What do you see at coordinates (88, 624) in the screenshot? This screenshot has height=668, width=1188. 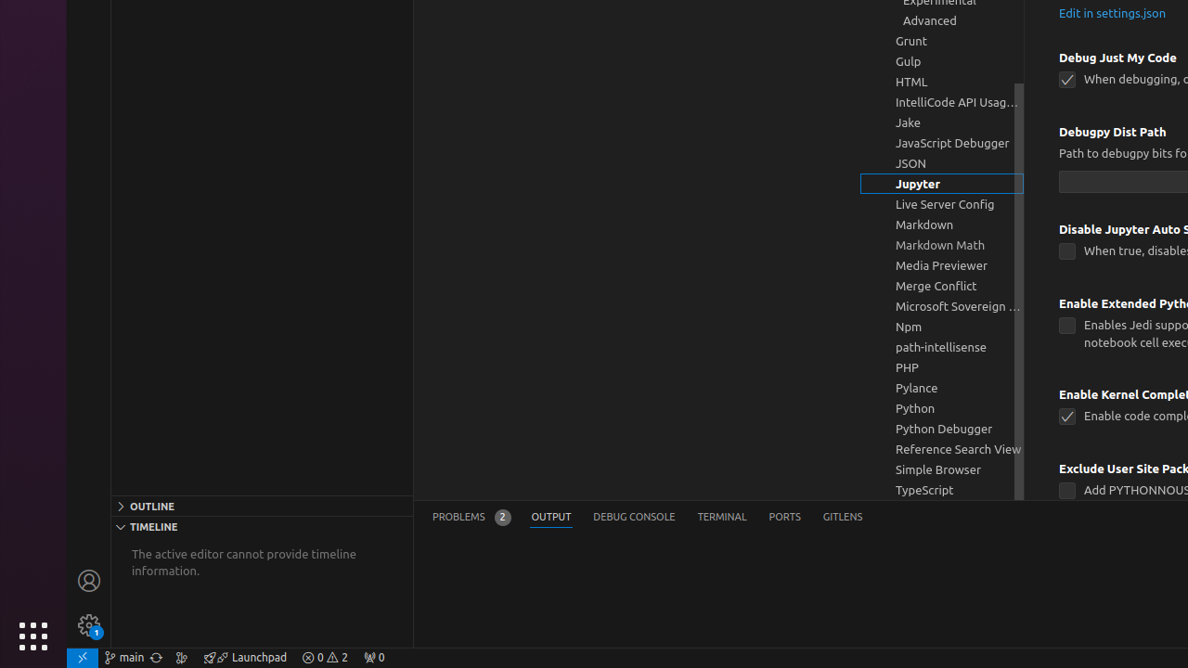 I see `'Manage - New Code update available.'` at bounding box center [88, 624].